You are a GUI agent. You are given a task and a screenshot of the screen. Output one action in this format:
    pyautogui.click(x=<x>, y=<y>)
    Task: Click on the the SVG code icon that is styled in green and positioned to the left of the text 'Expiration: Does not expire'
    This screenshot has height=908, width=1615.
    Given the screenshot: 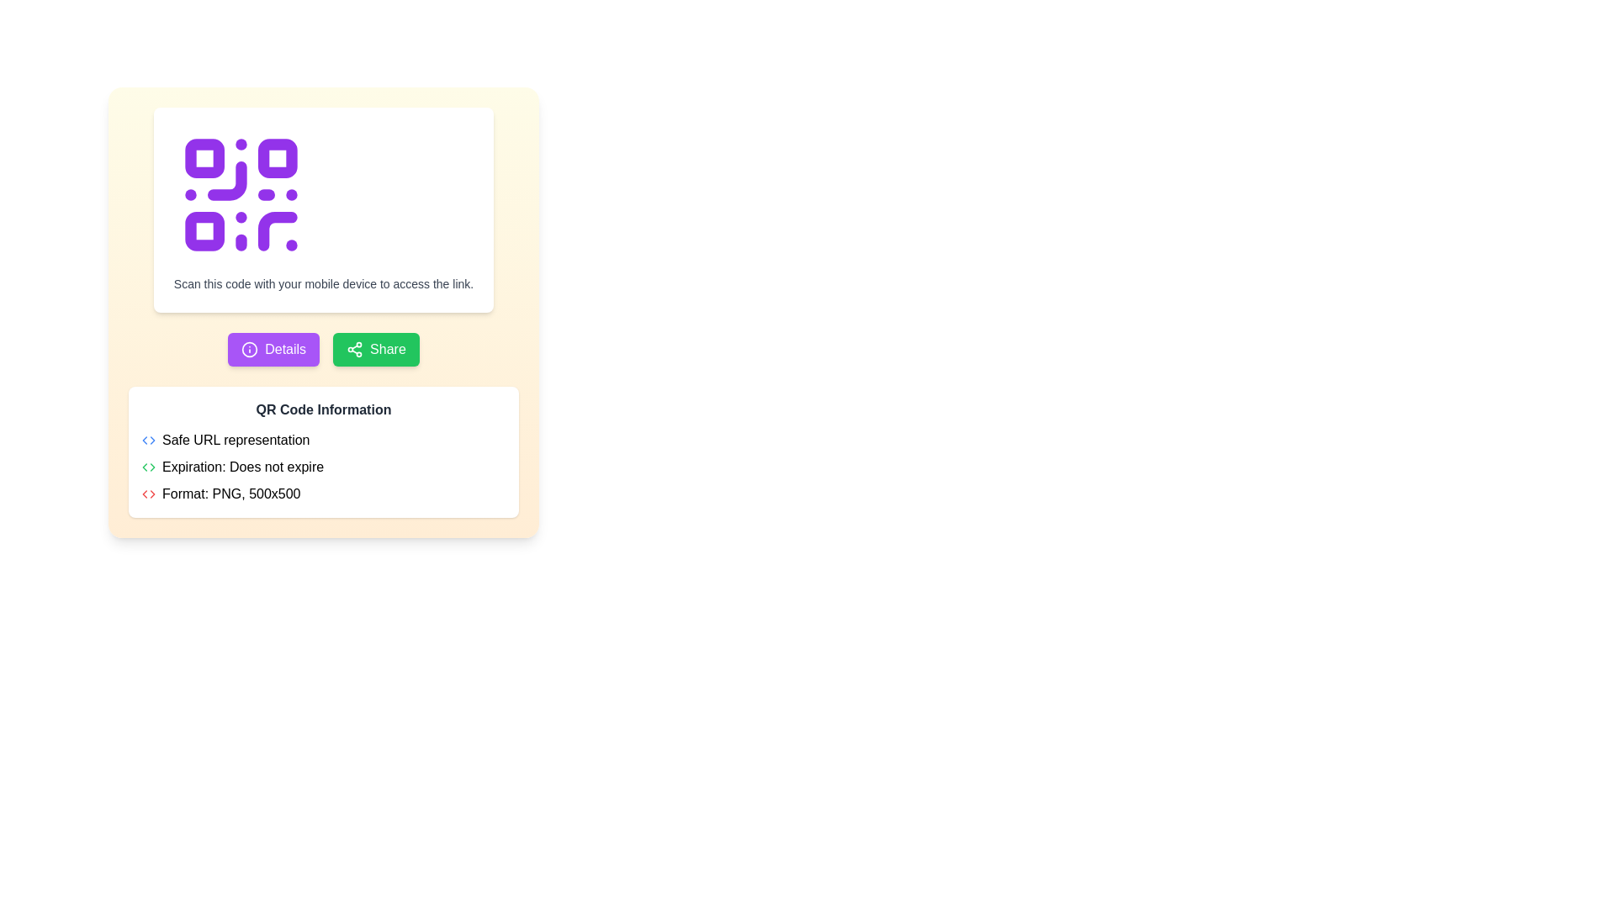 What is the action you would take?
    pyautogui.click(x=149, y=467)
    